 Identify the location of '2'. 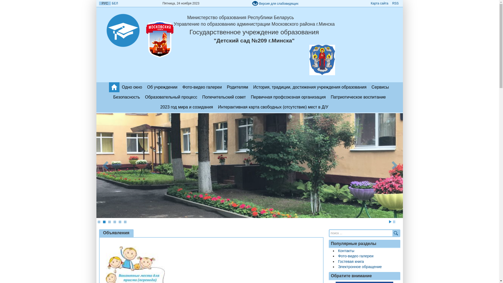
(104, 222).